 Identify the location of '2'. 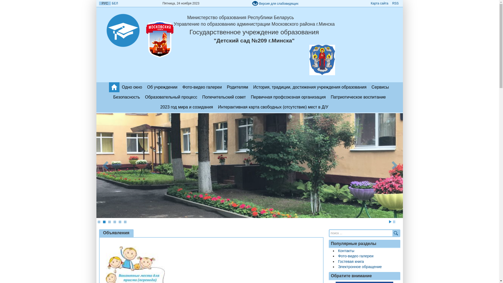
(104, 222).